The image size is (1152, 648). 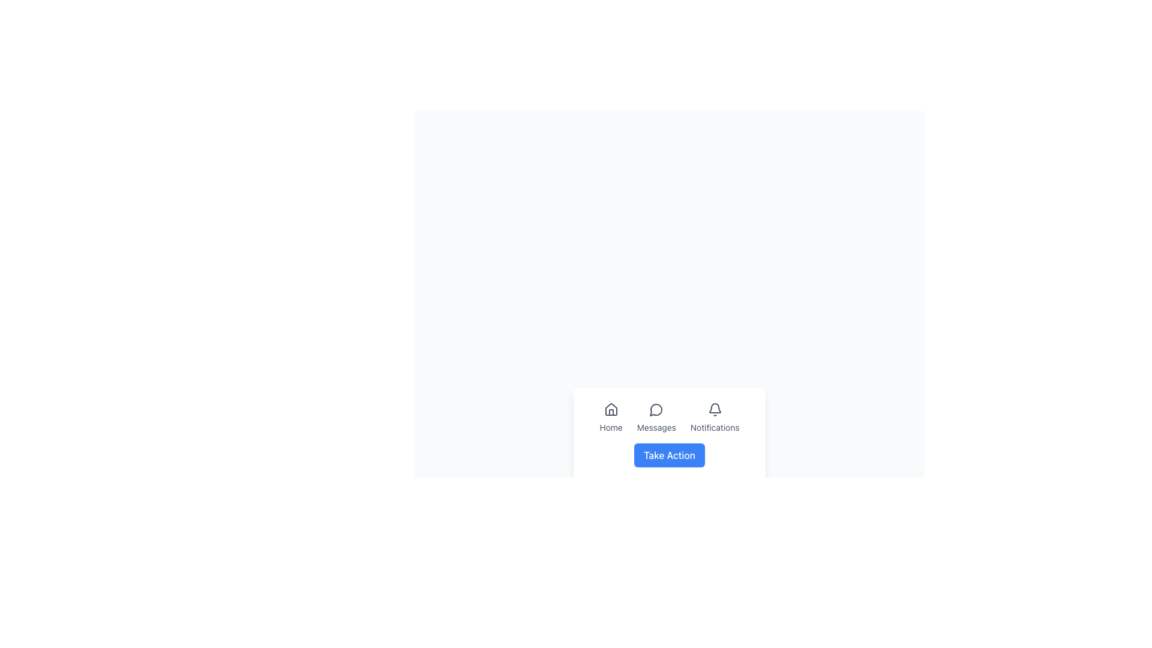 What do you see at coordinates (669, 418) in the screenshot?
I see `the navigation menu located at the center of the white card` at bounding box center [669, 418].